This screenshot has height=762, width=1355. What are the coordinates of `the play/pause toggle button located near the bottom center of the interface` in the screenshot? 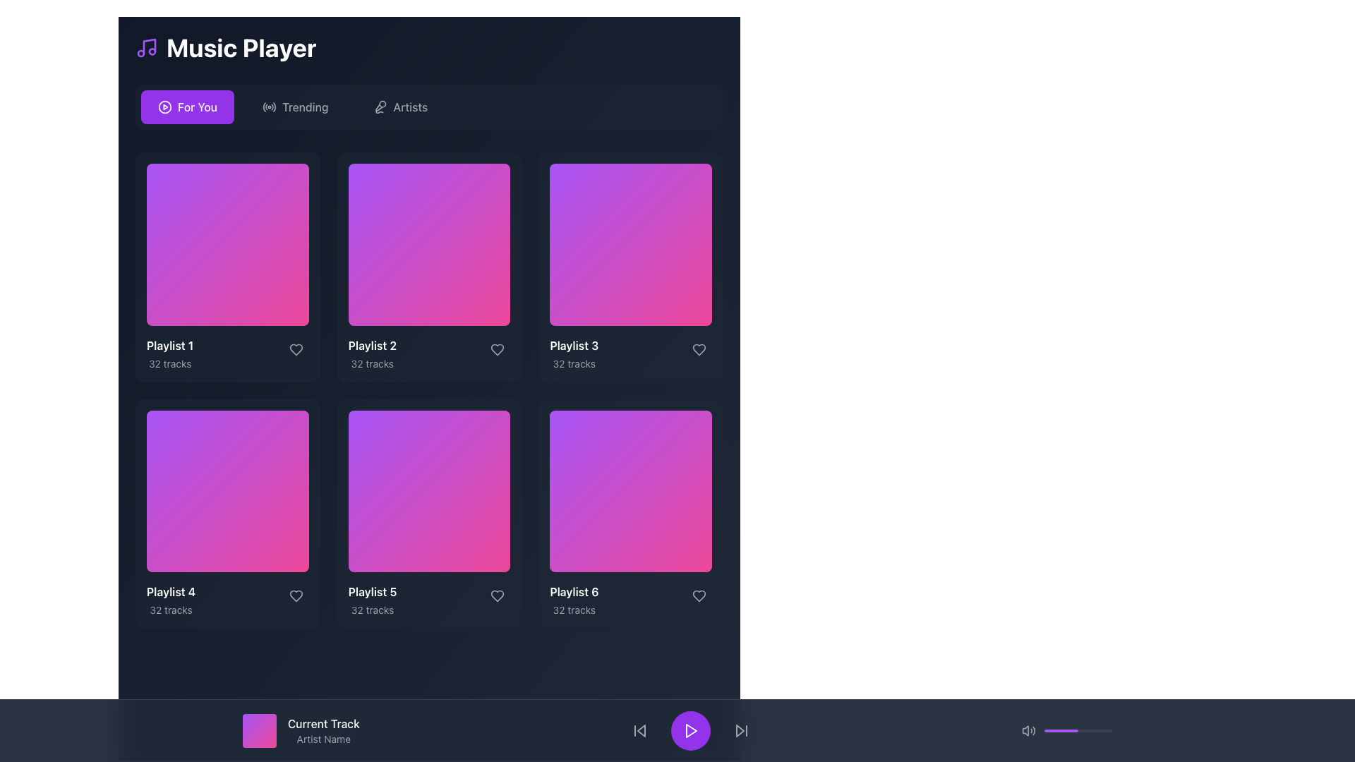 It's located at (690, 730).